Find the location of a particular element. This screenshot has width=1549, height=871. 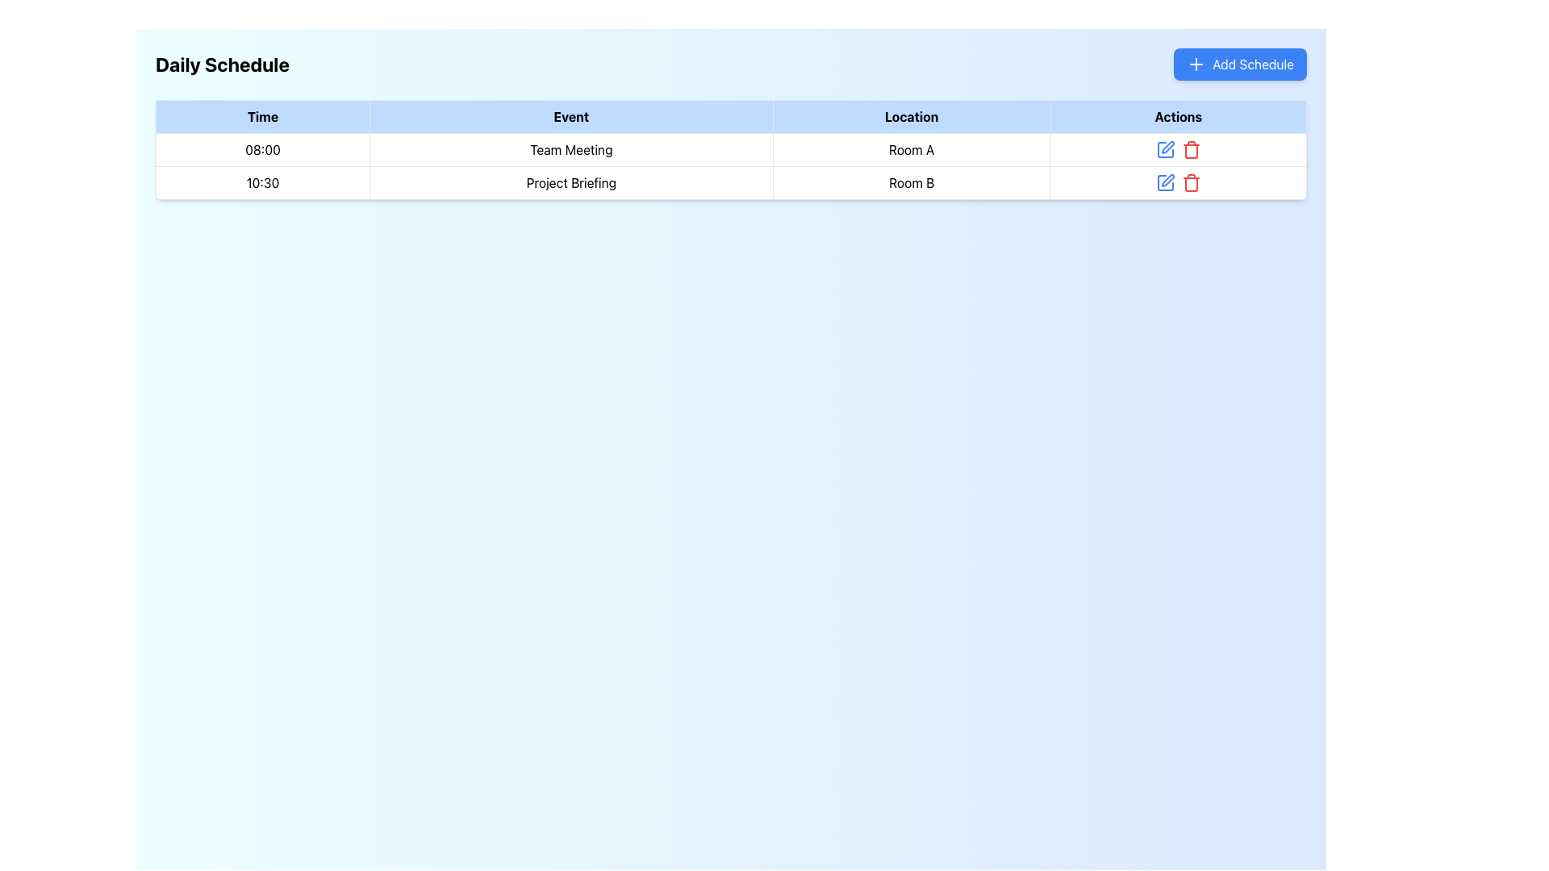

the edit icon button located in the 'Actions' column of the second row for the 'Project Briefing' entry to initiate the edit action is located at coordinates (1167, 180).